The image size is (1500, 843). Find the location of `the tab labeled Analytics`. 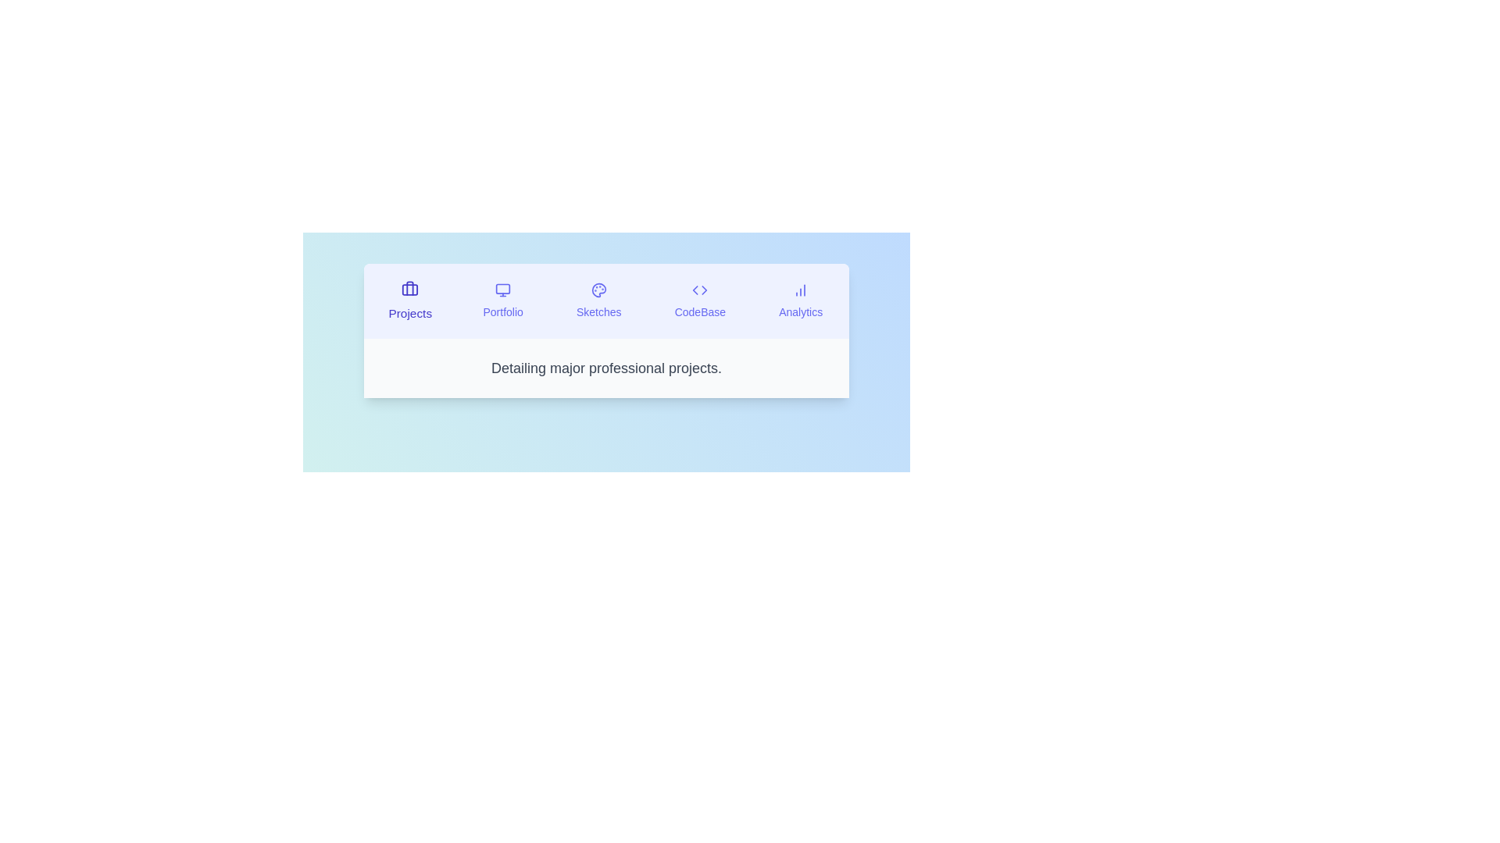

the tab labeled Analytics is located at coordinates (801, 301).